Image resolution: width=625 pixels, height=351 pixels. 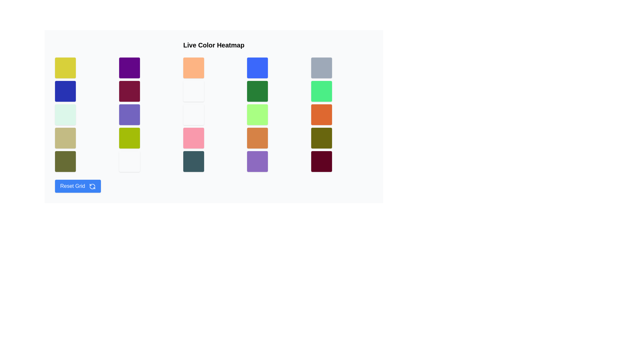 What do you see at coordinates (257, 137) in the screenshot?
I see `the fourth square in the fourth row of the grid layout, which serves as a non-interactive visual representation in a color heatmap or palette display` at bounding box center [257, 137].